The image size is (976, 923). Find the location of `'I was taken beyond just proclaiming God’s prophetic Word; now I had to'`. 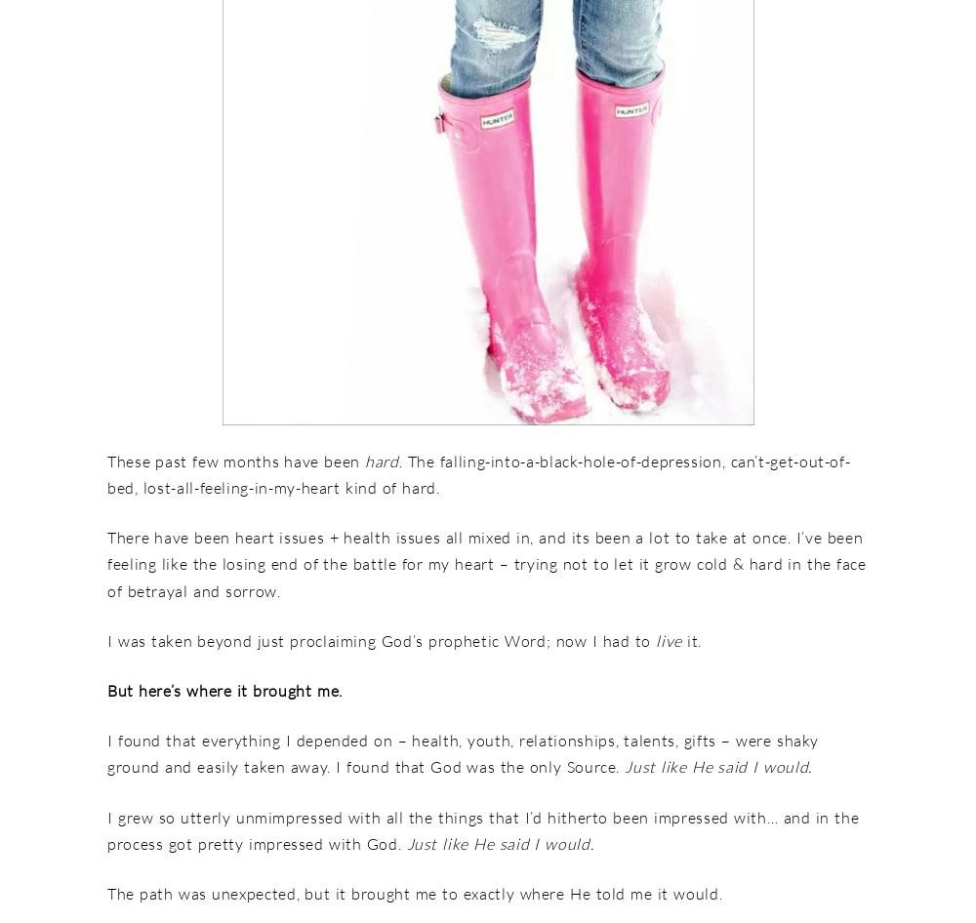

'I was taken beyond just proclaiming God’s prophetic Word; now I had to' is located at coordinates (382, 639).